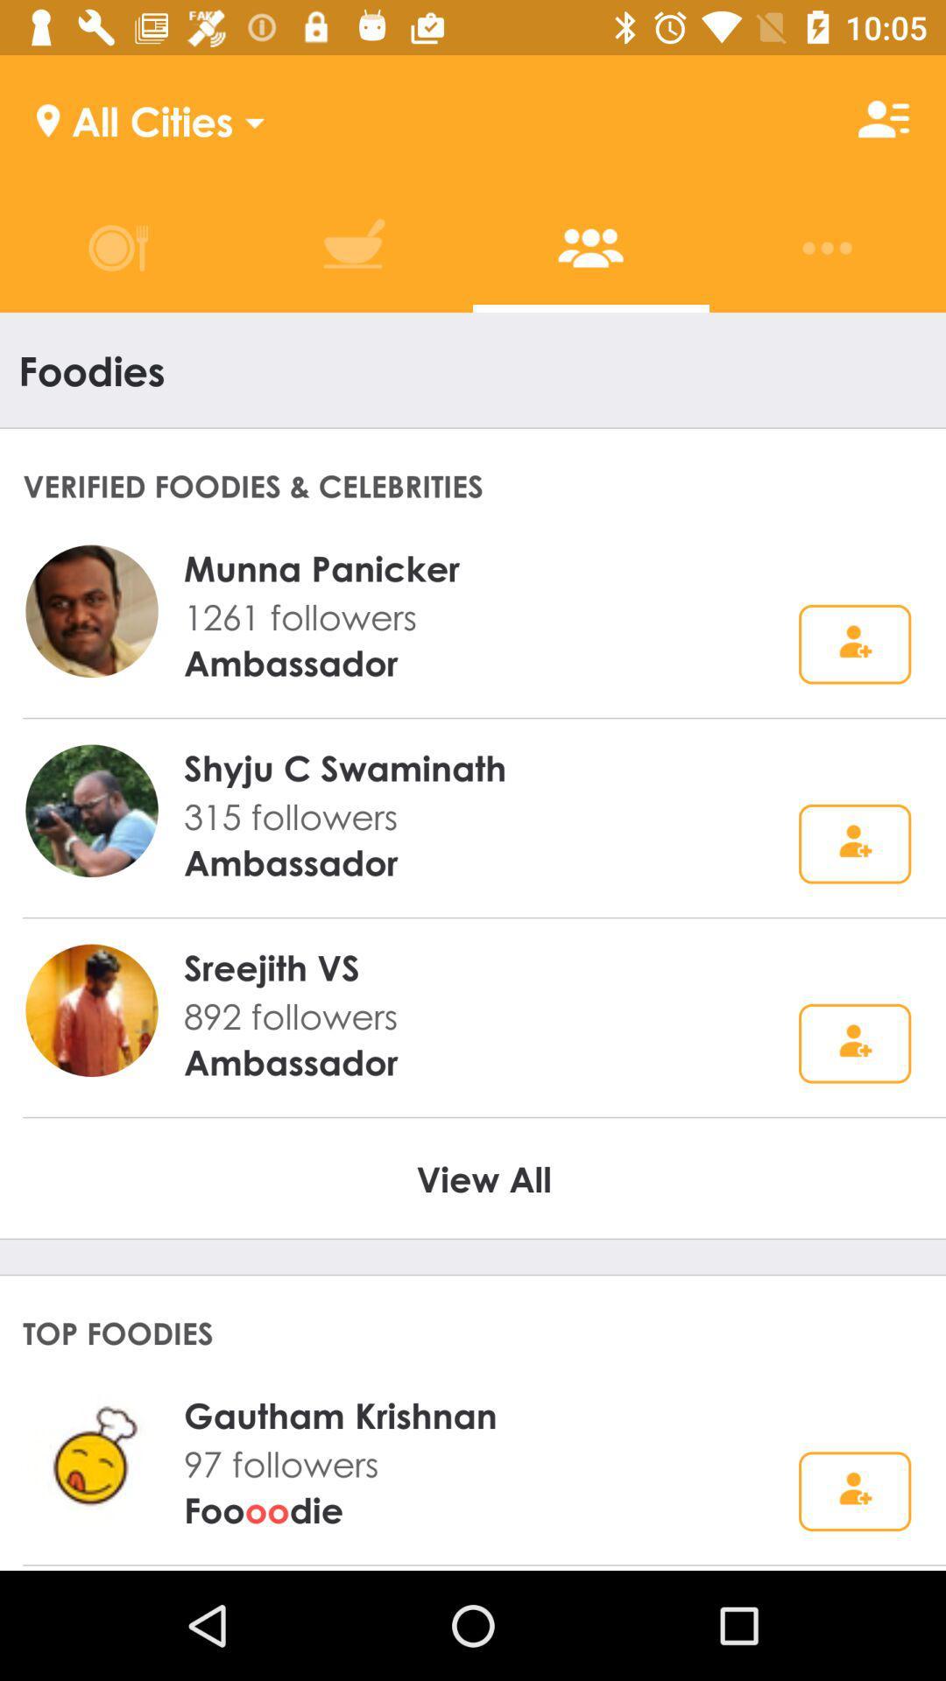  I want to click on the image left of contacts, so click(354, 247).